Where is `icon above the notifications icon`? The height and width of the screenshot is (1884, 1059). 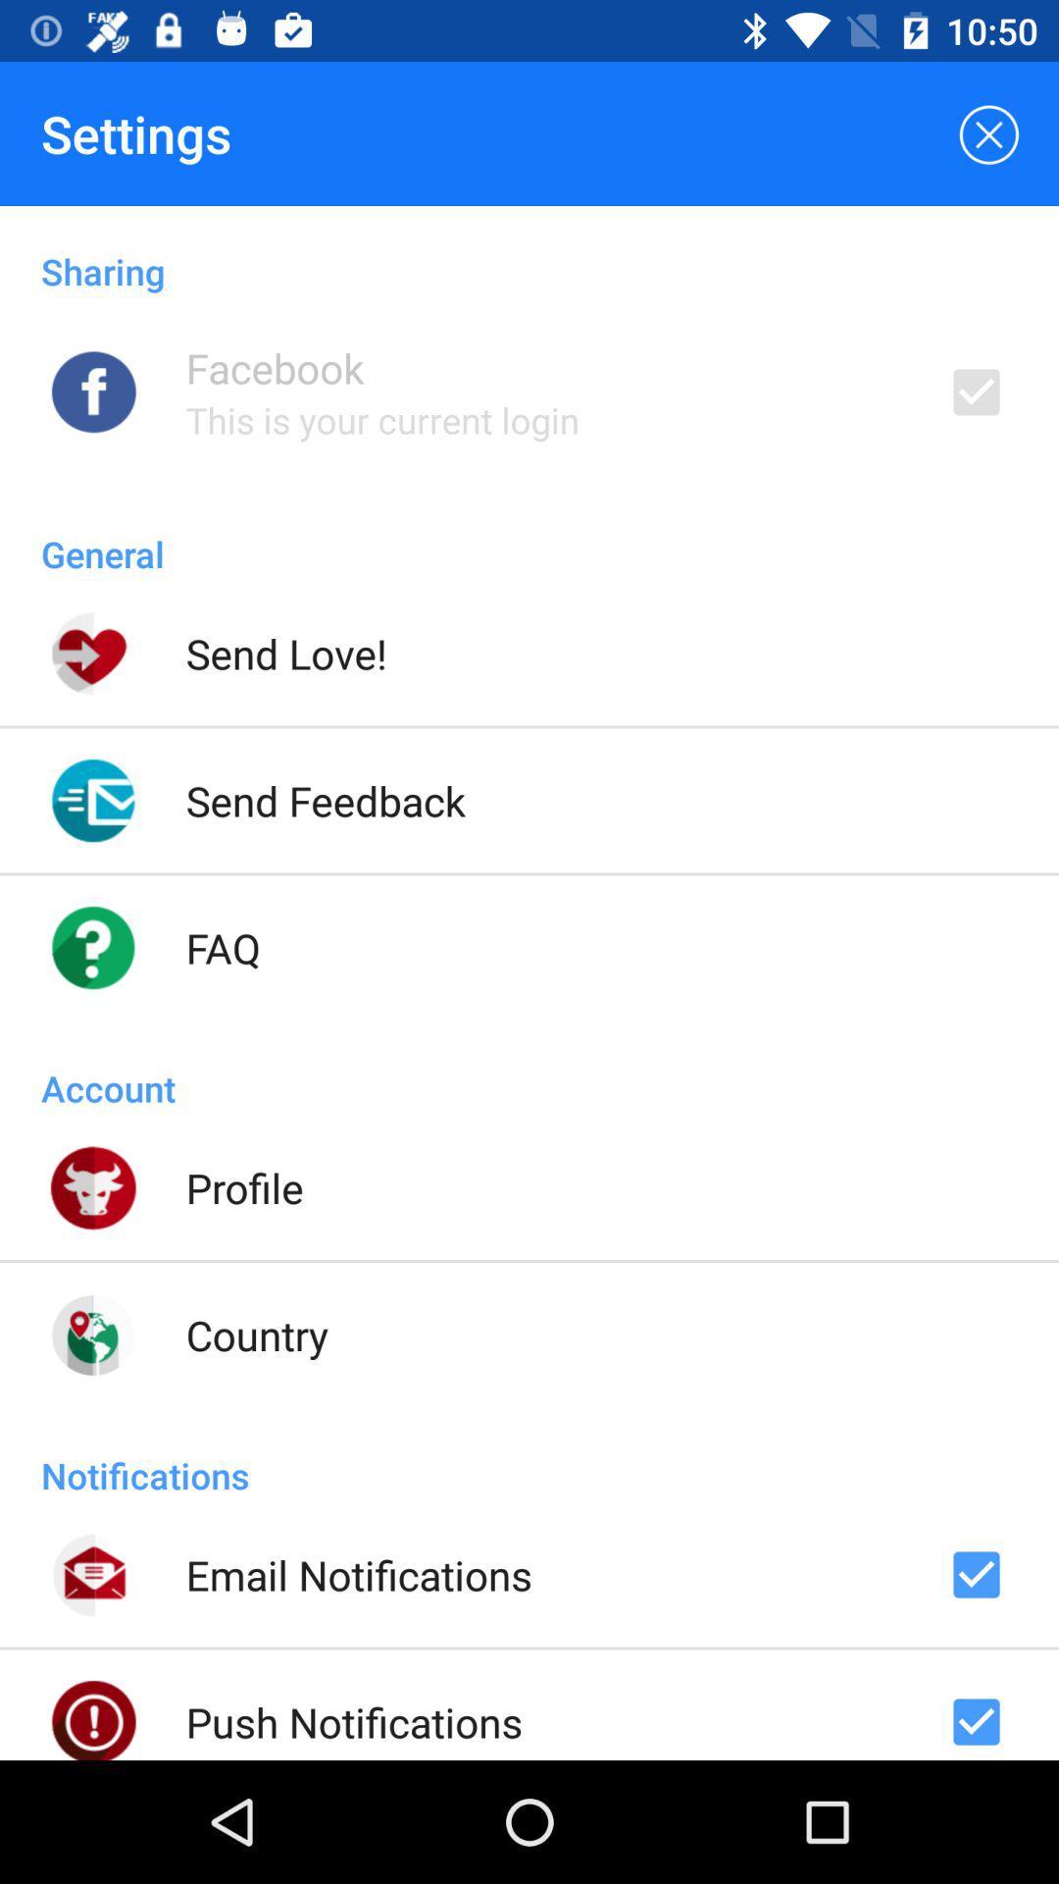 icon above the notifications icon is located at coordinates (256, 1334).